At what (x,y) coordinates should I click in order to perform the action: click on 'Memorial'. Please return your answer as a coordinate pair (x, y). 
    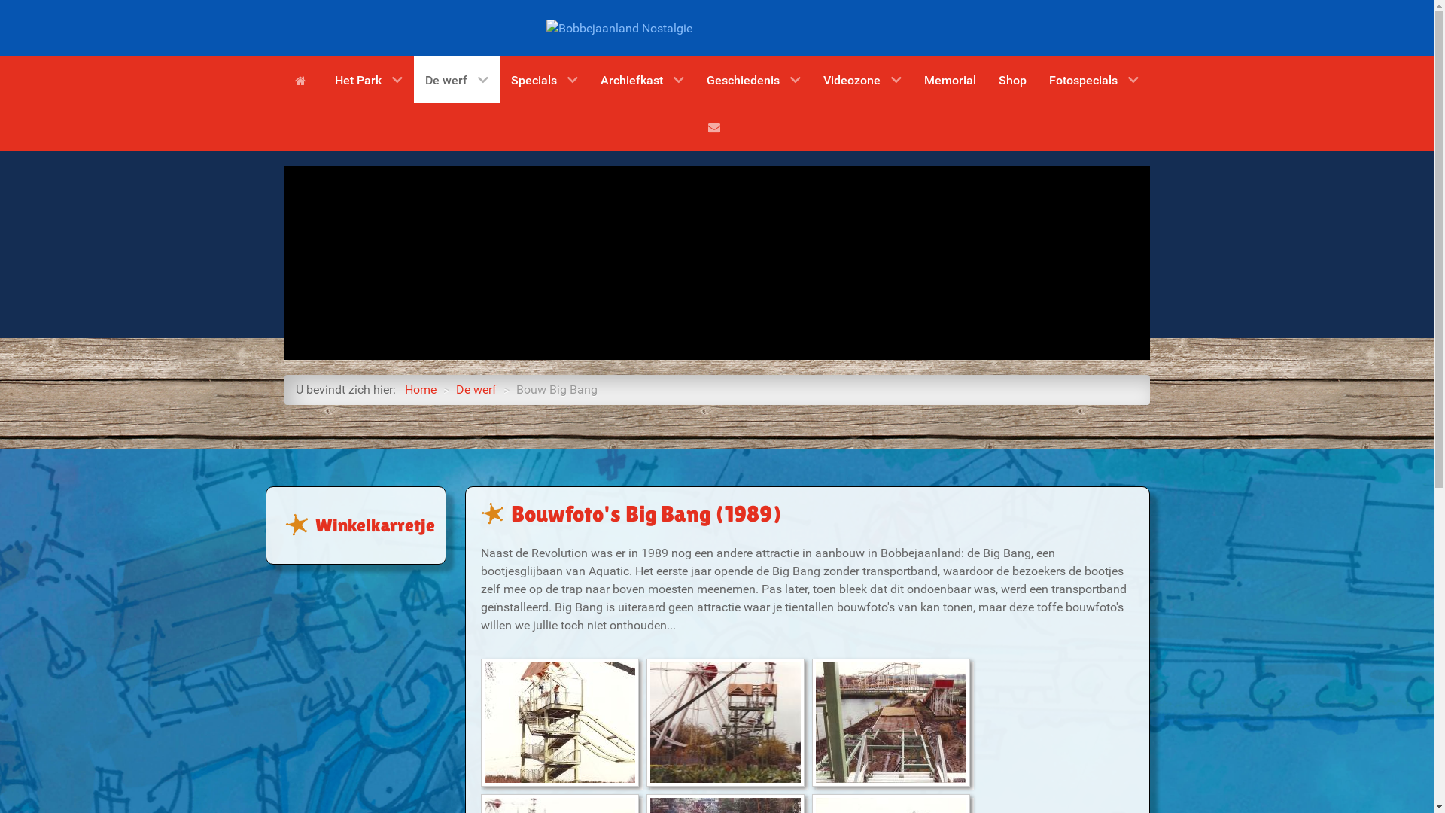
    Looking at the image, I should click on (949, 79).